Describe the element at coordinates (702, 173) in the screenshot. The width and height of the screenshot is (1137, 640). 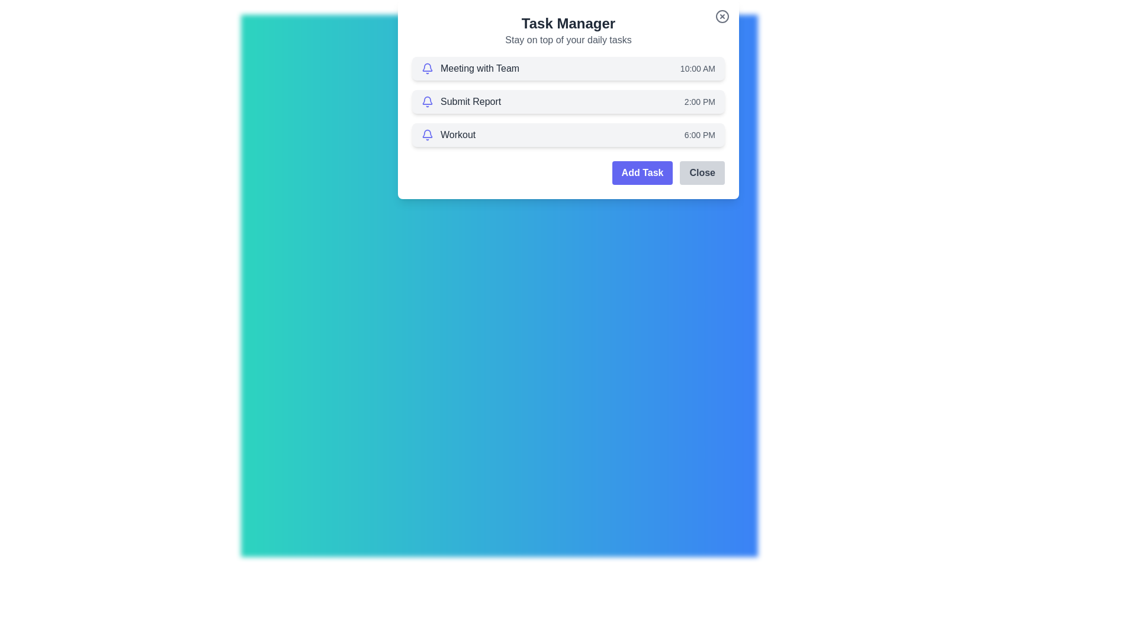
I see `the button located at the bottom right of the 'Task Manager' modal` at that location.